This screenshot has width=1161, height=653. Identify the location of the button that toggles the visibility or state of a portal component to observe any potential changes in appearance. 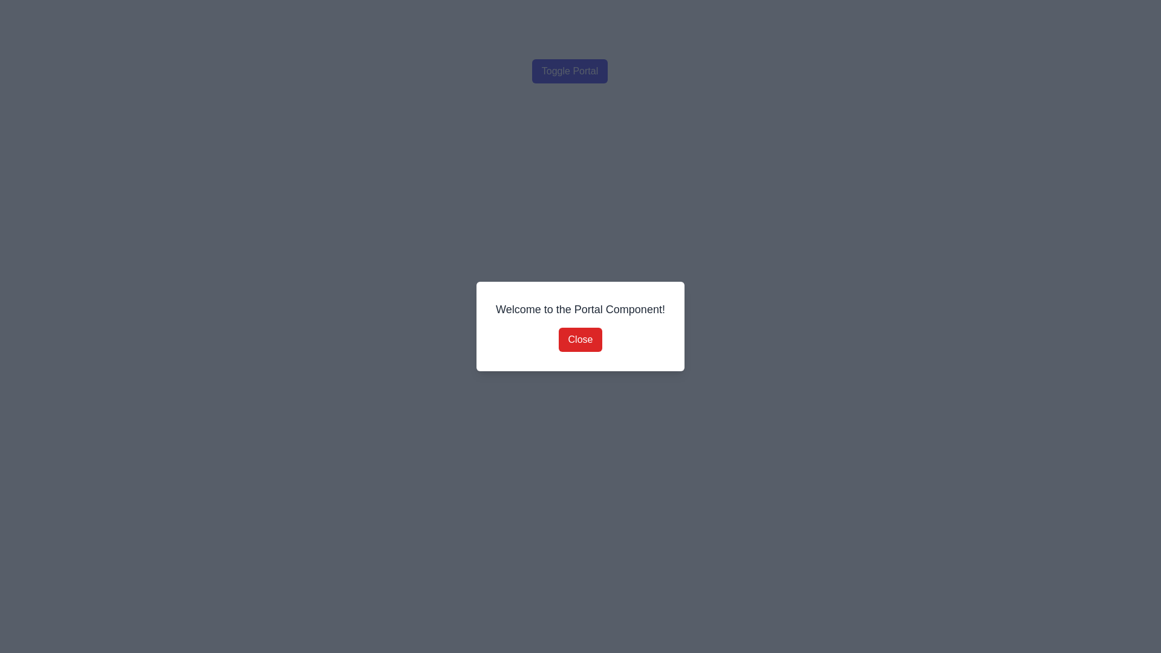
(569, 71).